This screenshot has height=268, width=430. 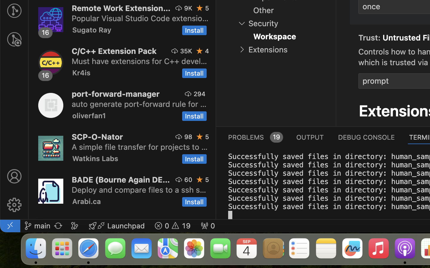 I want to click on 'Deploy and compare files to a ssh server', so click(x=139, y=190).